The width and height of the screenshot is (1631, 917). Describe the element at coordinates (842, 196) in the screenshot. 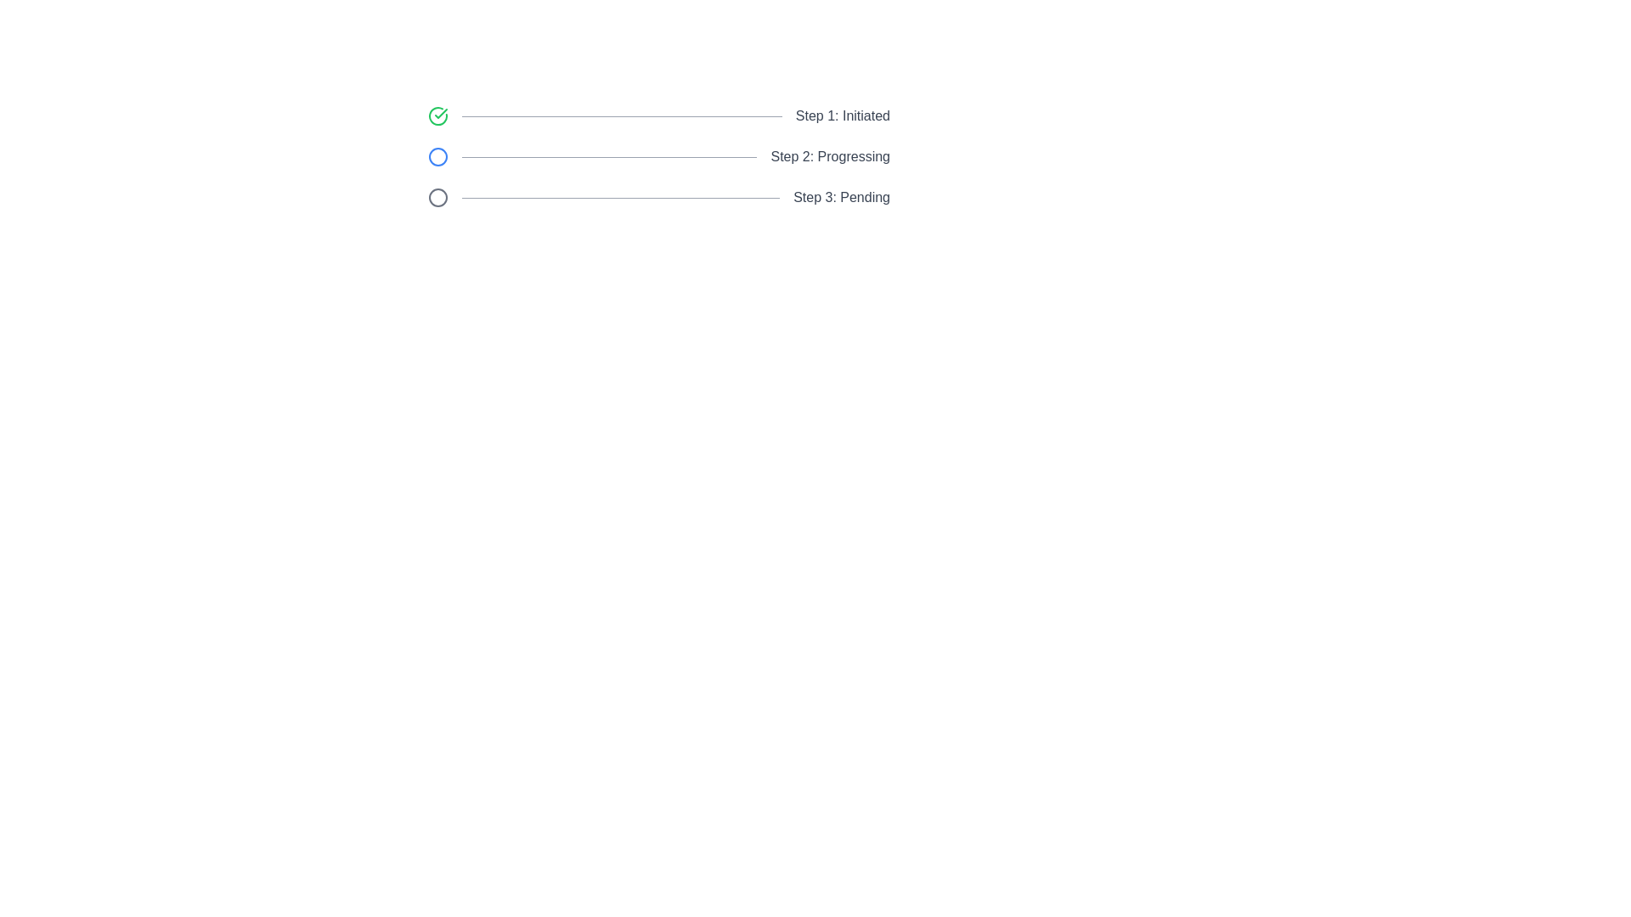

I see `the text label displaying 'Step 3: Pending', which is part of a progression step UI located next to a horizontal line and to the right of a circular icon` at that location.